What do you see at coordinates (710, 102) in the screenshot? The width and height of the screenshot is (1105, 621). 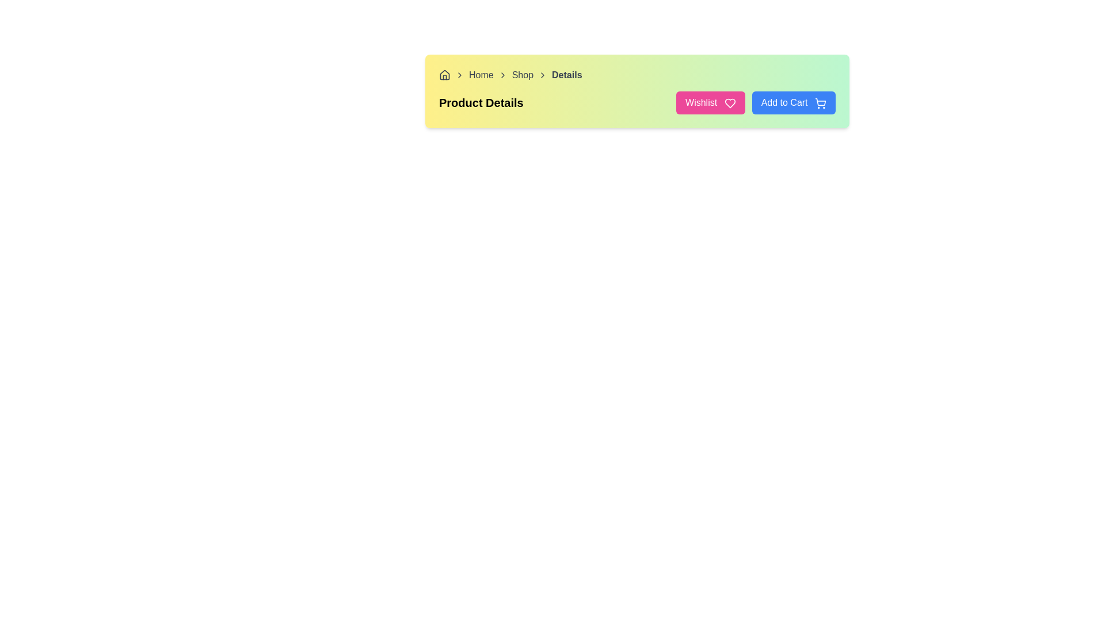 I see `the 'Wishlist' button` at bounding box center [710, 102].